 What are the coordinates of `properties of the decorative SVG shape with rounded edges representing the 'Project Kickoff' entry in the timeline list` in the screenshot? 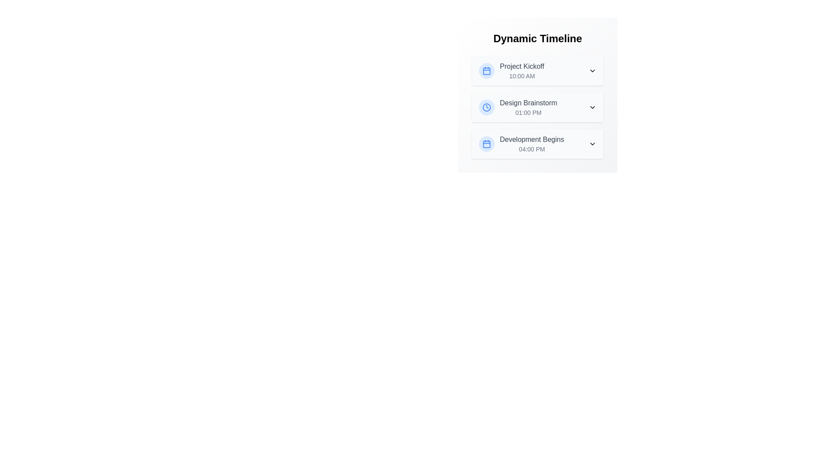 It's located at (486, 70).